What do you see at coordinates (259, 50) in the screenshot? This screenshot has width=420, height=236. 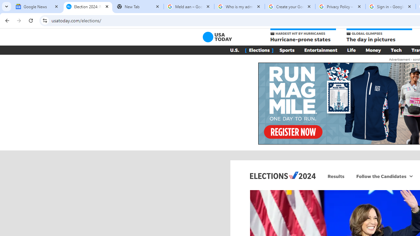 I see `'[ Elections ]'` at bounding box center [259, 50].